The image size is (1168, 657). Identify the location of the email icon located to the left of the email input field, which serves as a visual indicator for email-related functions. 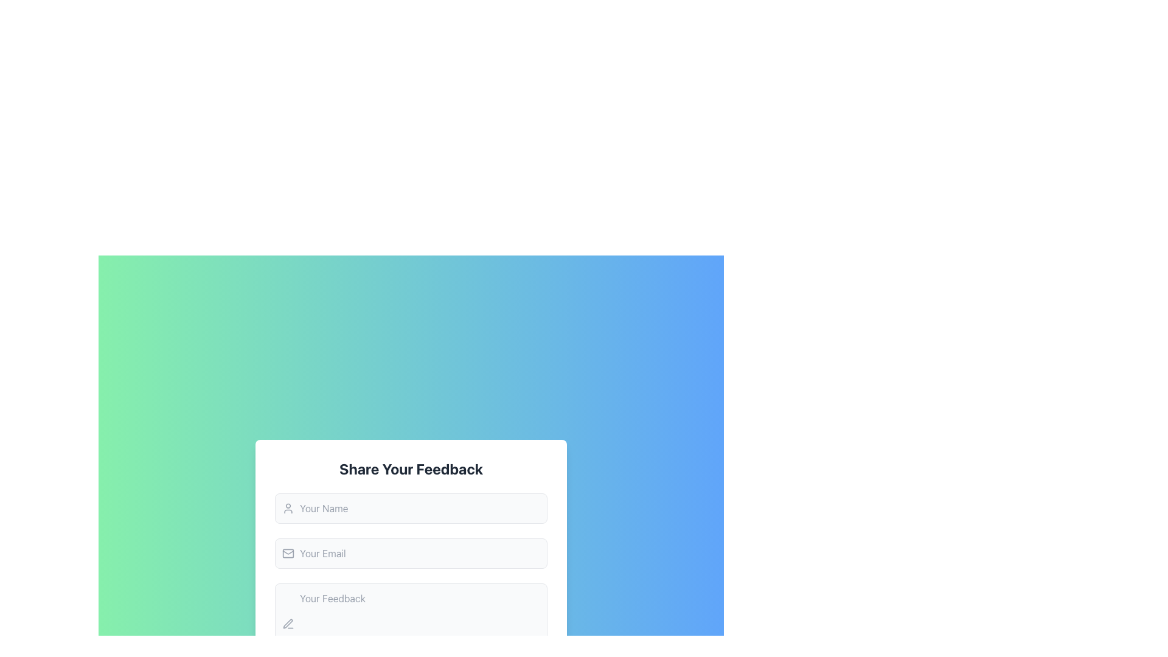
(288, 554).